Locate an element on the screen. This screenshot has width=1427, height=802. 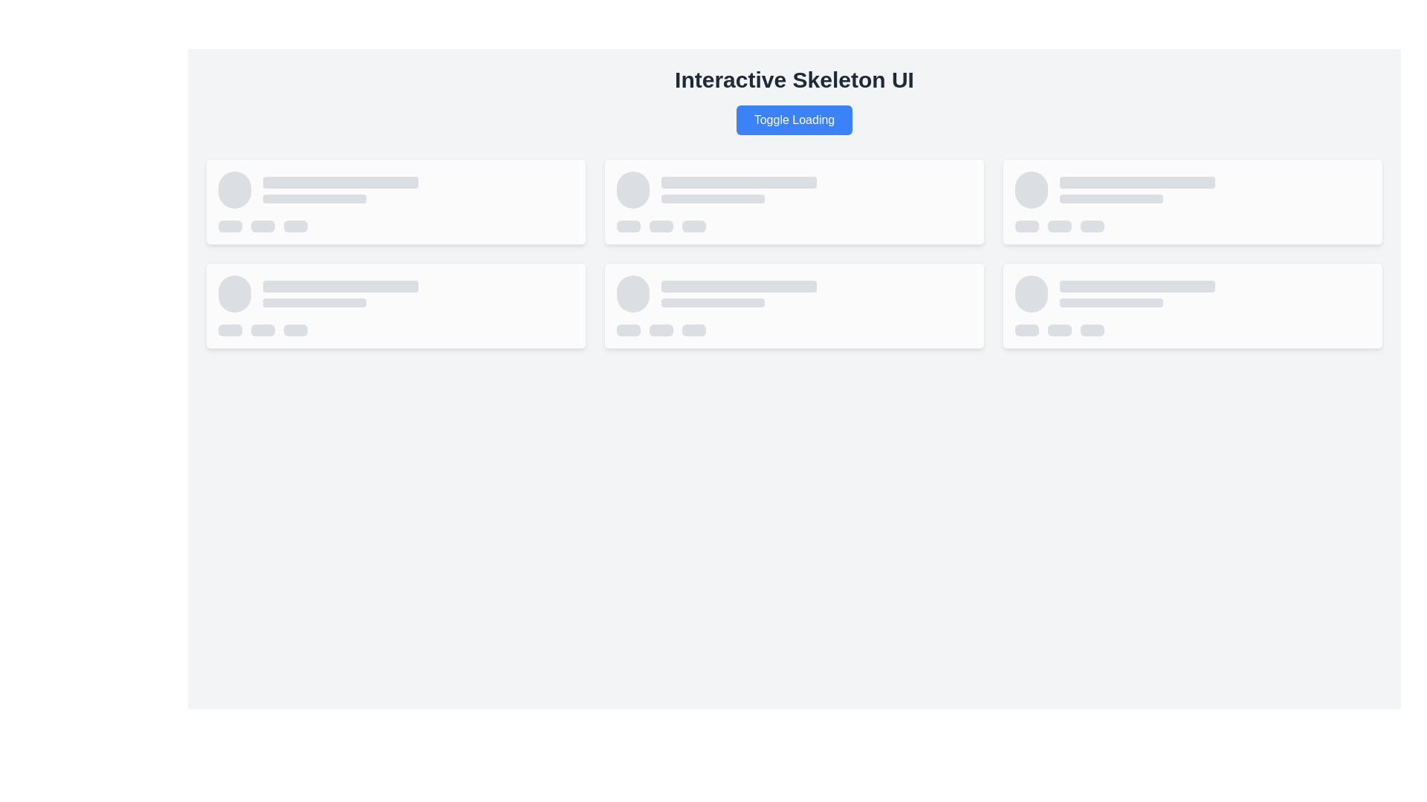
the Loading card placeholder, which is a skeletal loading indicator located in the top row of the grid layout, specifically the third item on the far right is located at coordinates (1192, 202).